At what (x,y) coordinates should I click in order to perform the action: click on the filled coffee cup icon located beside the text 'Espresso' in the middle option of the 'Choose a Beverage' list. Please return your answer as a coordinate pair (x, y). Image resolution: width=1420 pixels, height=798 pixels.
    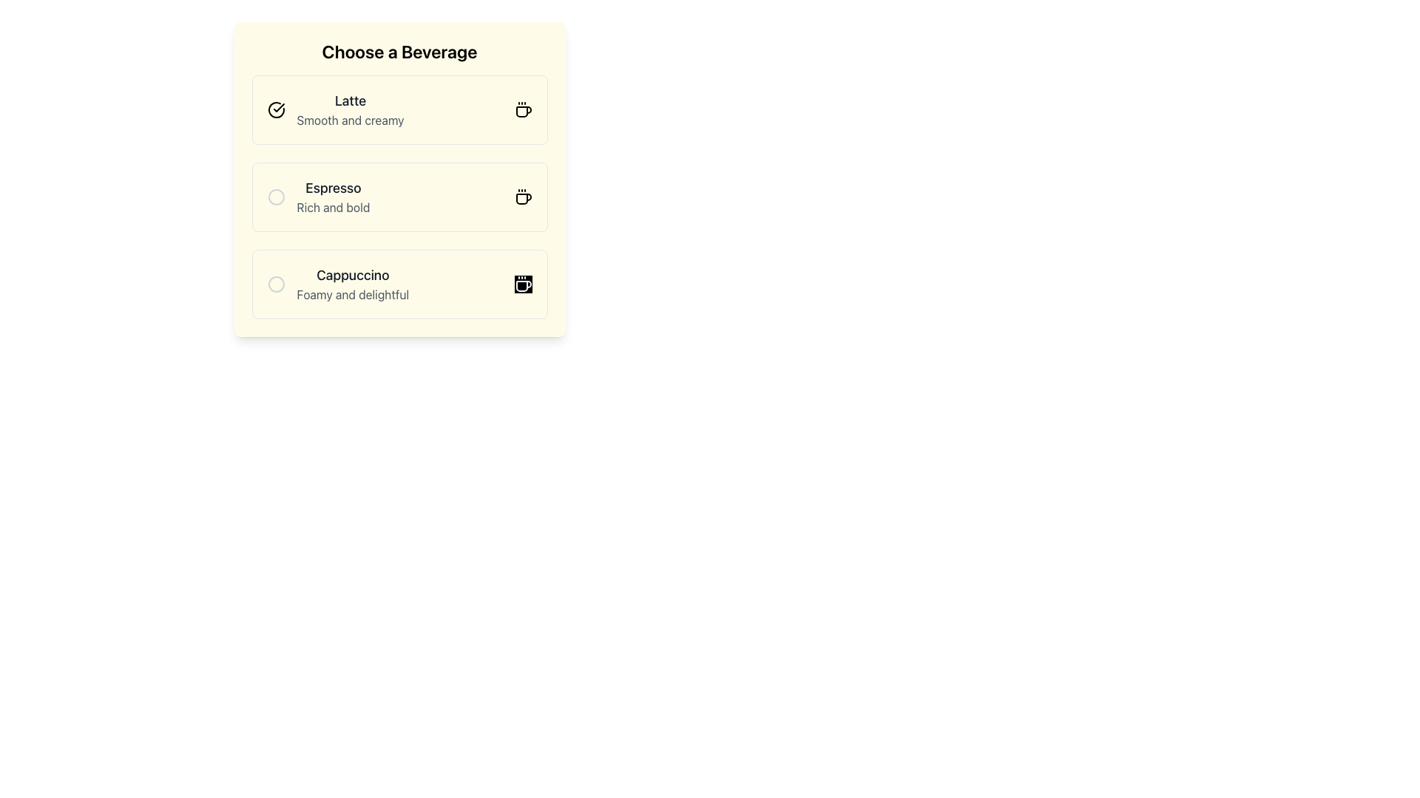
    Looking at the image, I should click on (524, 198).